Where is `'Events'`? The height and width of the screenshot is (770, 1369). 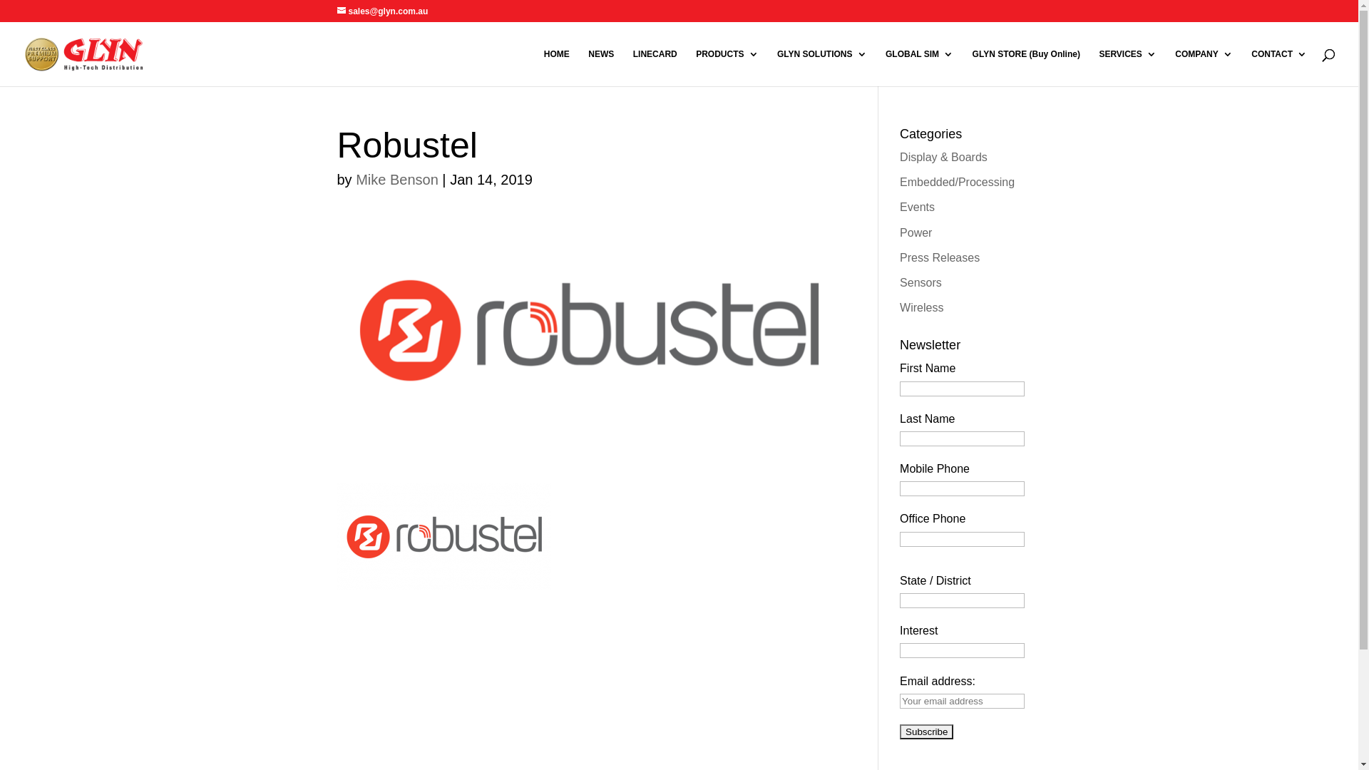 'Events' is located at coordinates (899, 207).